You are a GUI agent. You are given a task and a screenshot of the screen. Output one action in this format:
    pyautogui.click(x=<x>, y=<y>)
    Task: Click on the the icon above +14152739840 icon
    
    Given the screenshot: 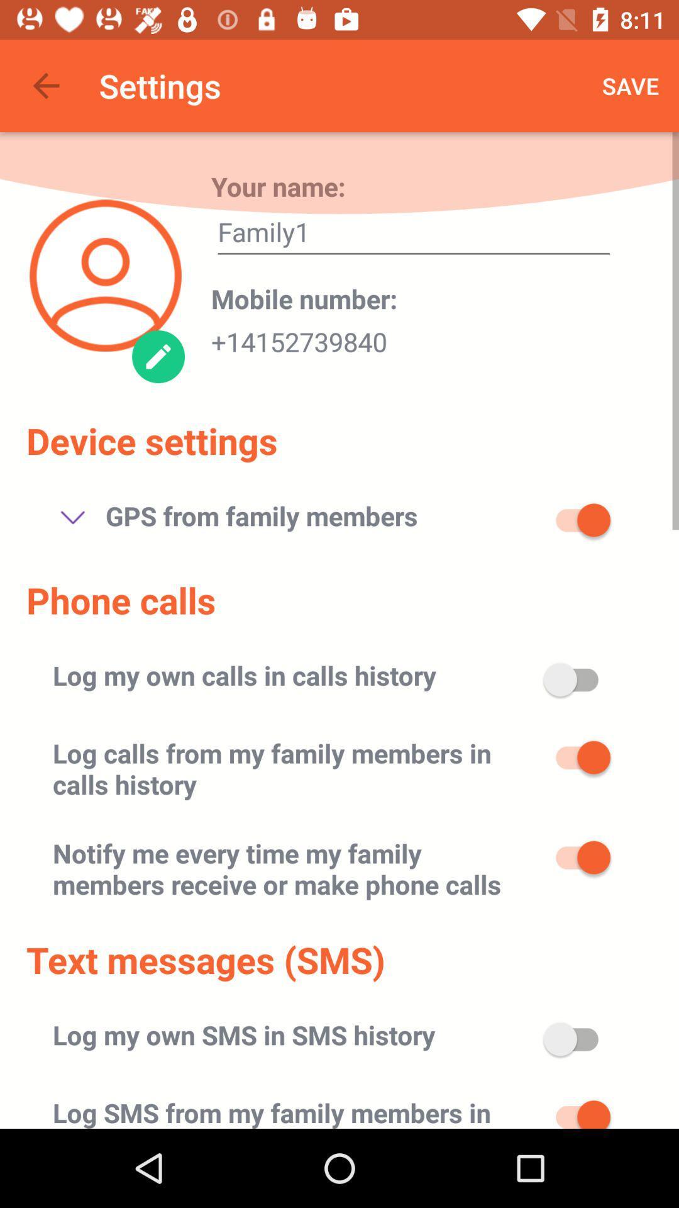 What is the action you would take?
    pyautogui.click(x=304, y=298)
    